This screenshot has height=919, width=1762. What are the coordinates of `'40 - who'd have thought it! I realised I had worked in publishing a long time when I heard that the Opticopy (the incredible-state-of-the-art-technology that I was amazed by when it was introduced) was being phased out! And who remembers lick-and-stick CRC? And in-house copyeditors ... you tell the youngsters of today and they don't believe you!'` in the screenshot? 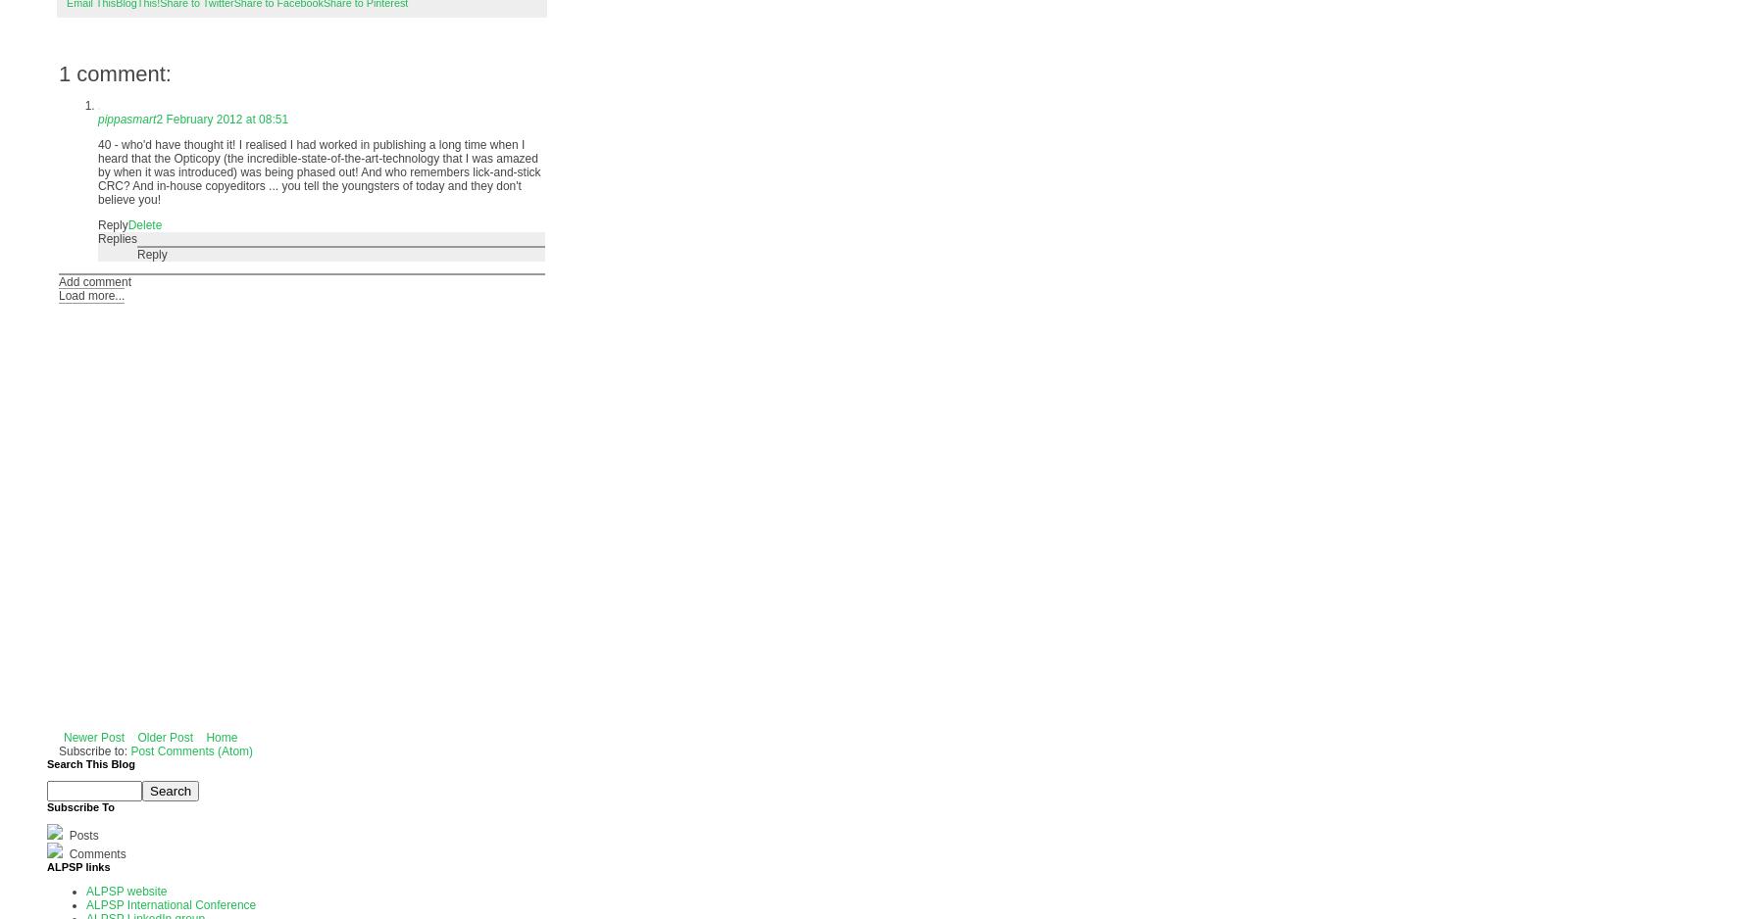 It's located at (319, 170).